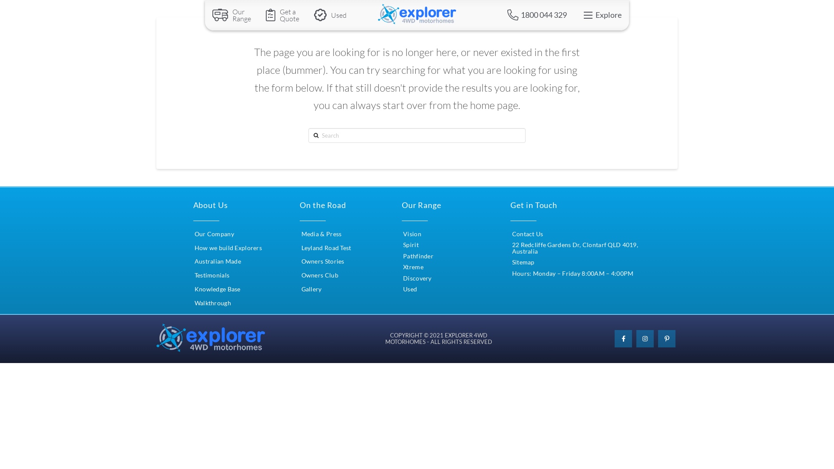 This screenshot has width=834, height=469. I want to click on 'Used', so click(410, 289).